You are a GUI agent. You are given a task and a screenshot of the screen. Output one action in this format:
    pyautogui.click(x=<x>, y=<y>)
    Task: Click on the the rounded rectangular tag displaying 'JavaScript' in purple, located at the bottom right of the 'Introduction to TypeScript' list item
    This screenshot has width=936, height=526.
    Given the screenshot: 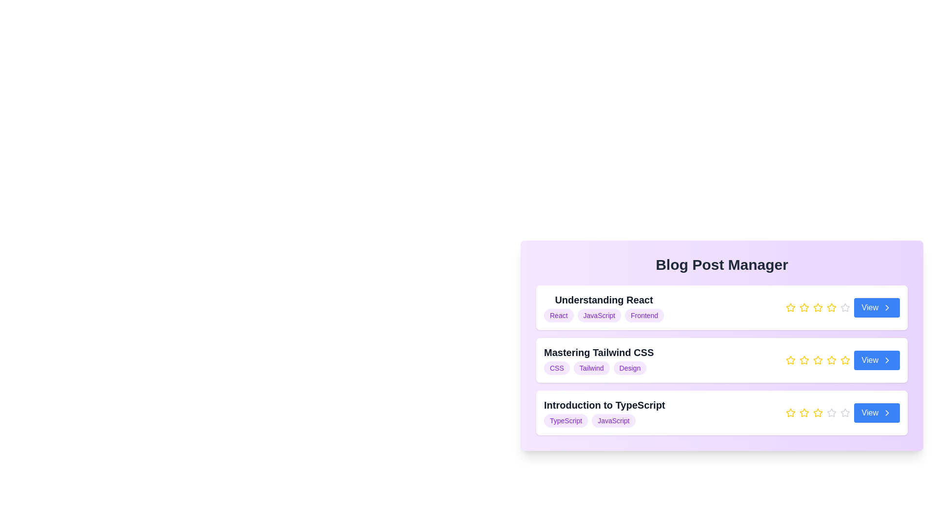 What is the action you would take?
    pyautogui.click(x=613, y=420)
    